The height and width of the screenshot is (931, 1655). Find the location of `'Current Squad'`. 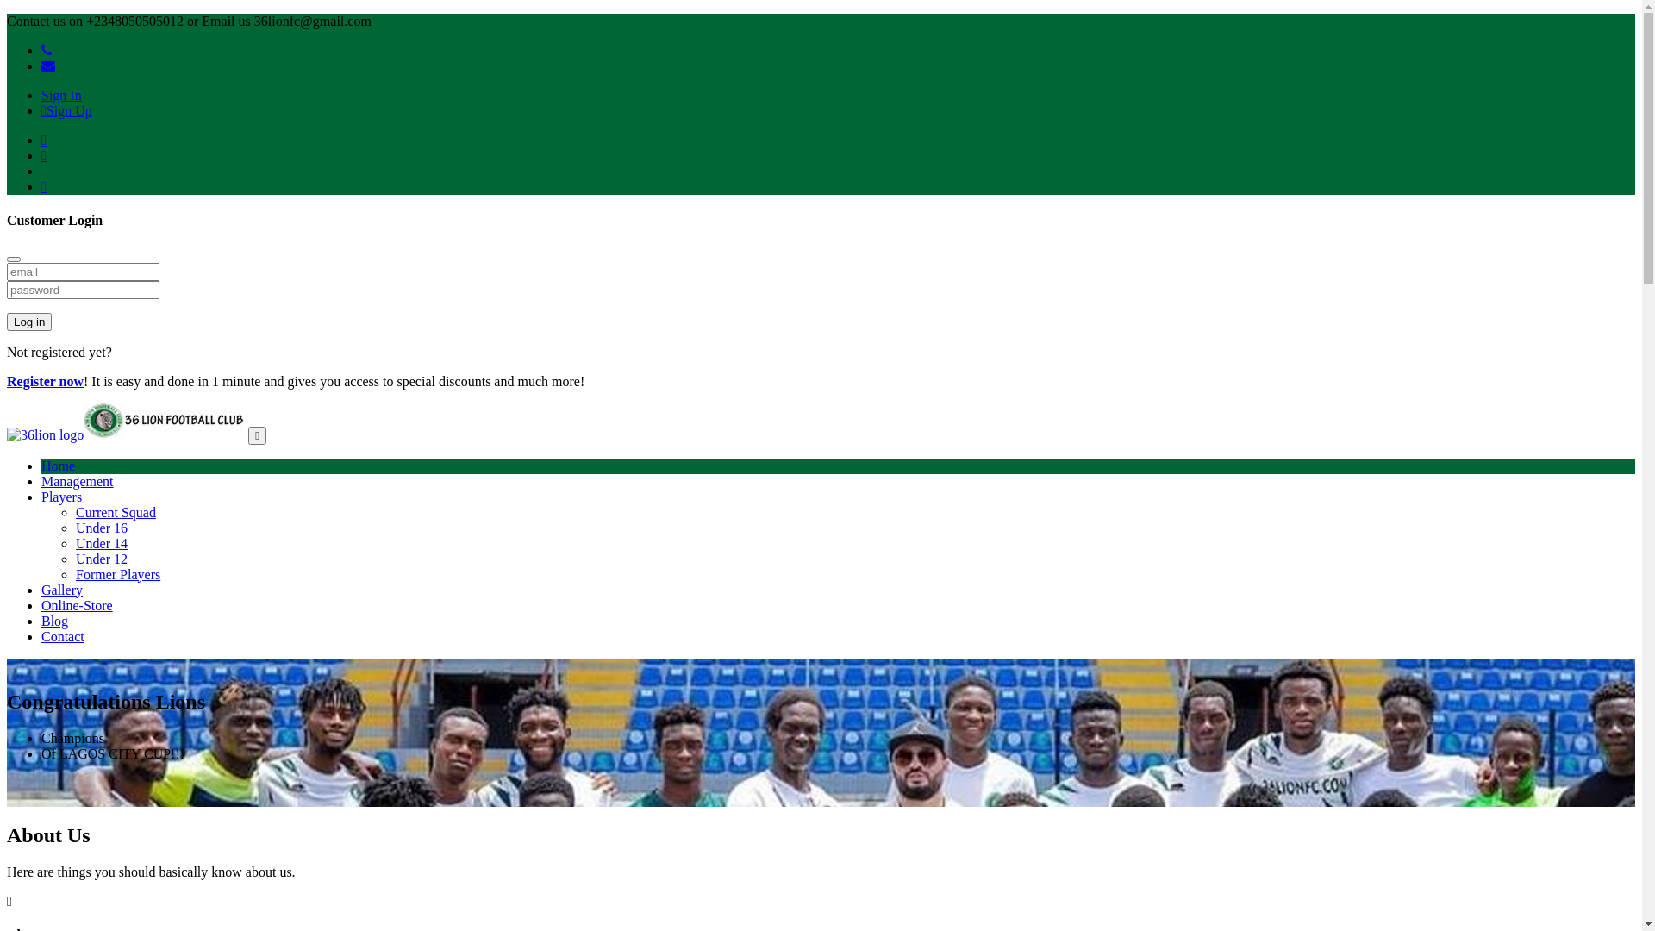

'Current Squad' is located at coordinates (74, 511).